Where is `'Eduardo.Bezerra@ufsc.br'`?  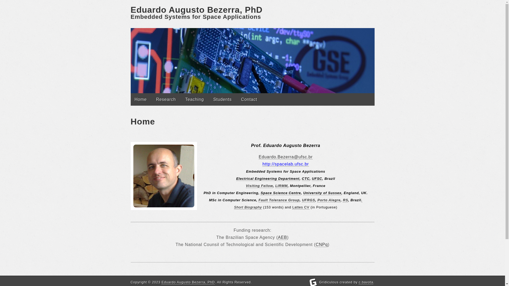
'Eduardo.Bezerra@ufsc.br' is located at coordinates (286, 157).